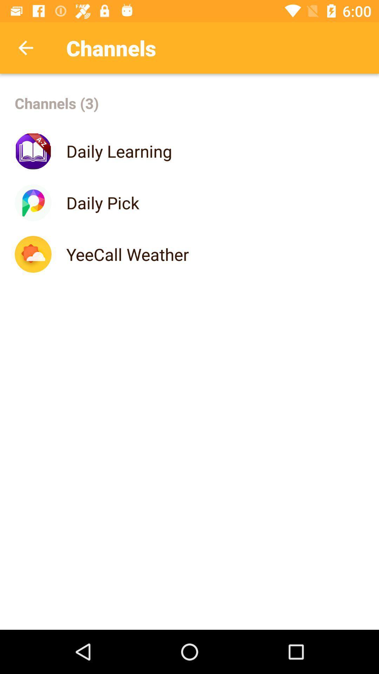 The height and width of the screenshot is (674, 379). I want to click on the icon to the left of channels app, so click(25, 47).